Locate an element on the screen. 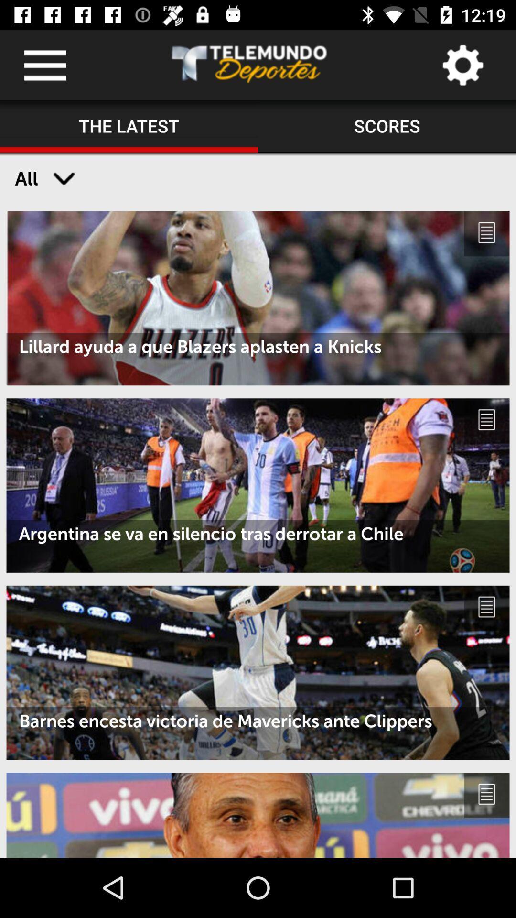 This screenshot has height=918, width=516. settings is located at coordinates (462, 65).